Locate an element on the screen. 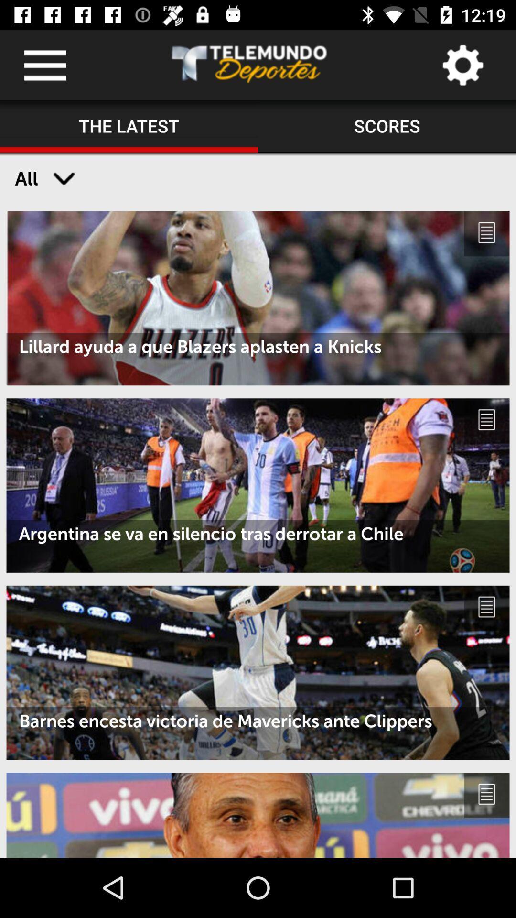 This screenshot has height=918, width=516. settings is located at coordinates (462, 65).